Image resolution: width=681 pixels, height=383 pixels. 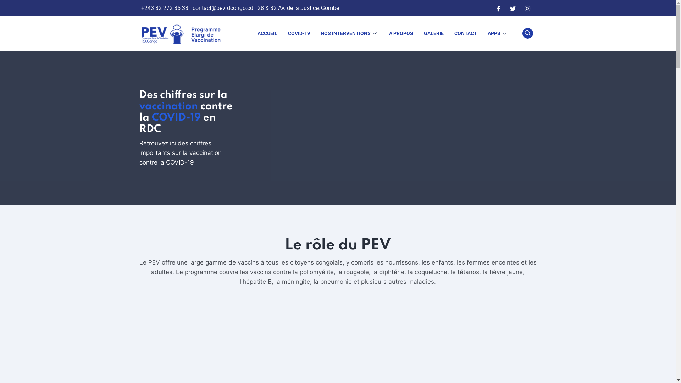 What do you see at coordinates (349, 33) in the screenshot?
I see `'NOS INTERVENTIONS'` at bounding box center [349, 33].